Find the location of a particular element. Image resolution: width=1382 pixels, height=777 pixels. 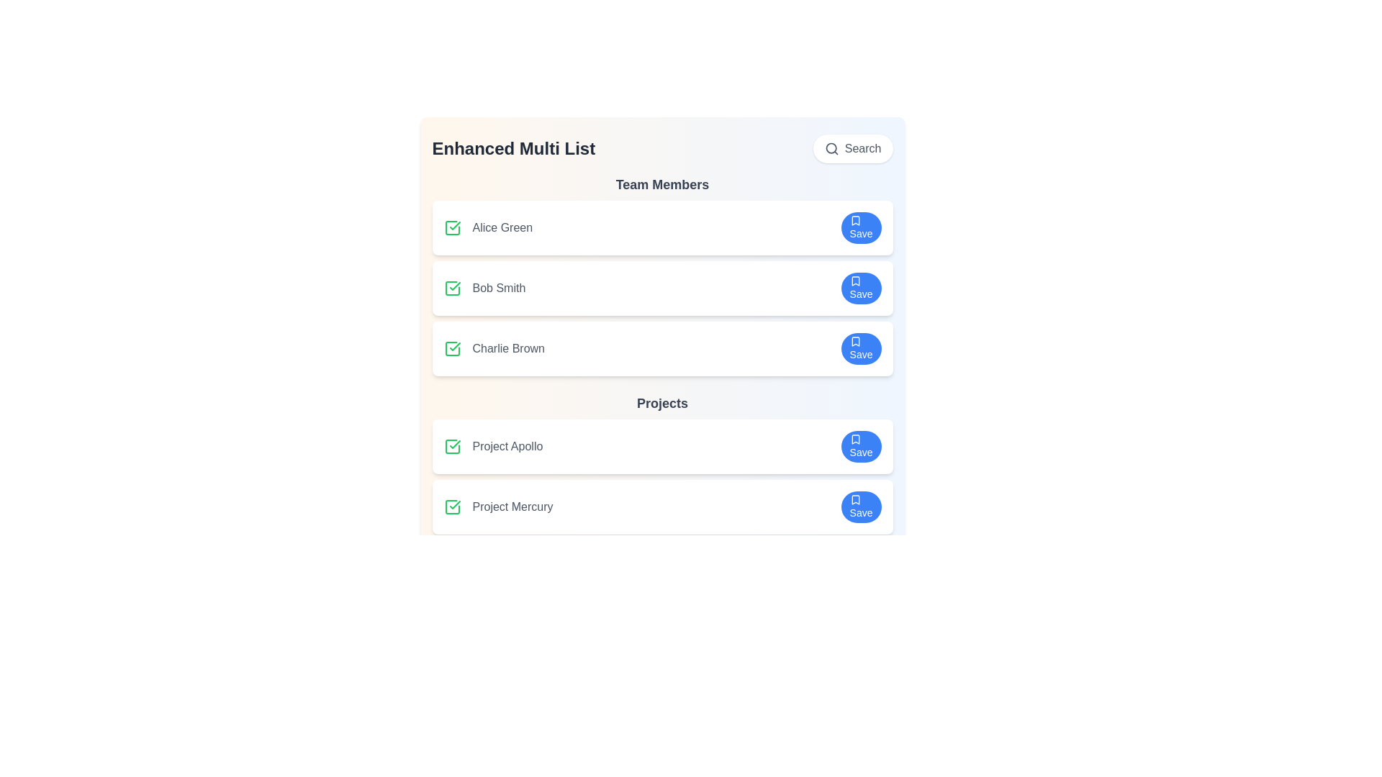

the header 'Projects' to explore its section is located at coordinates (661, 403).